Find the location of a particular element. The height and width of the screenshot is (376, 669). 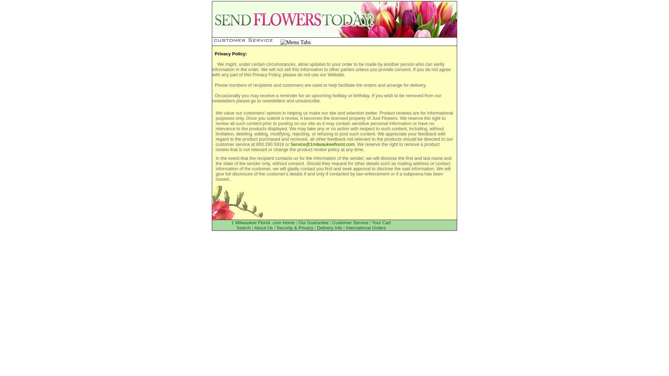

'Search' is located at coordinates (243, 228).